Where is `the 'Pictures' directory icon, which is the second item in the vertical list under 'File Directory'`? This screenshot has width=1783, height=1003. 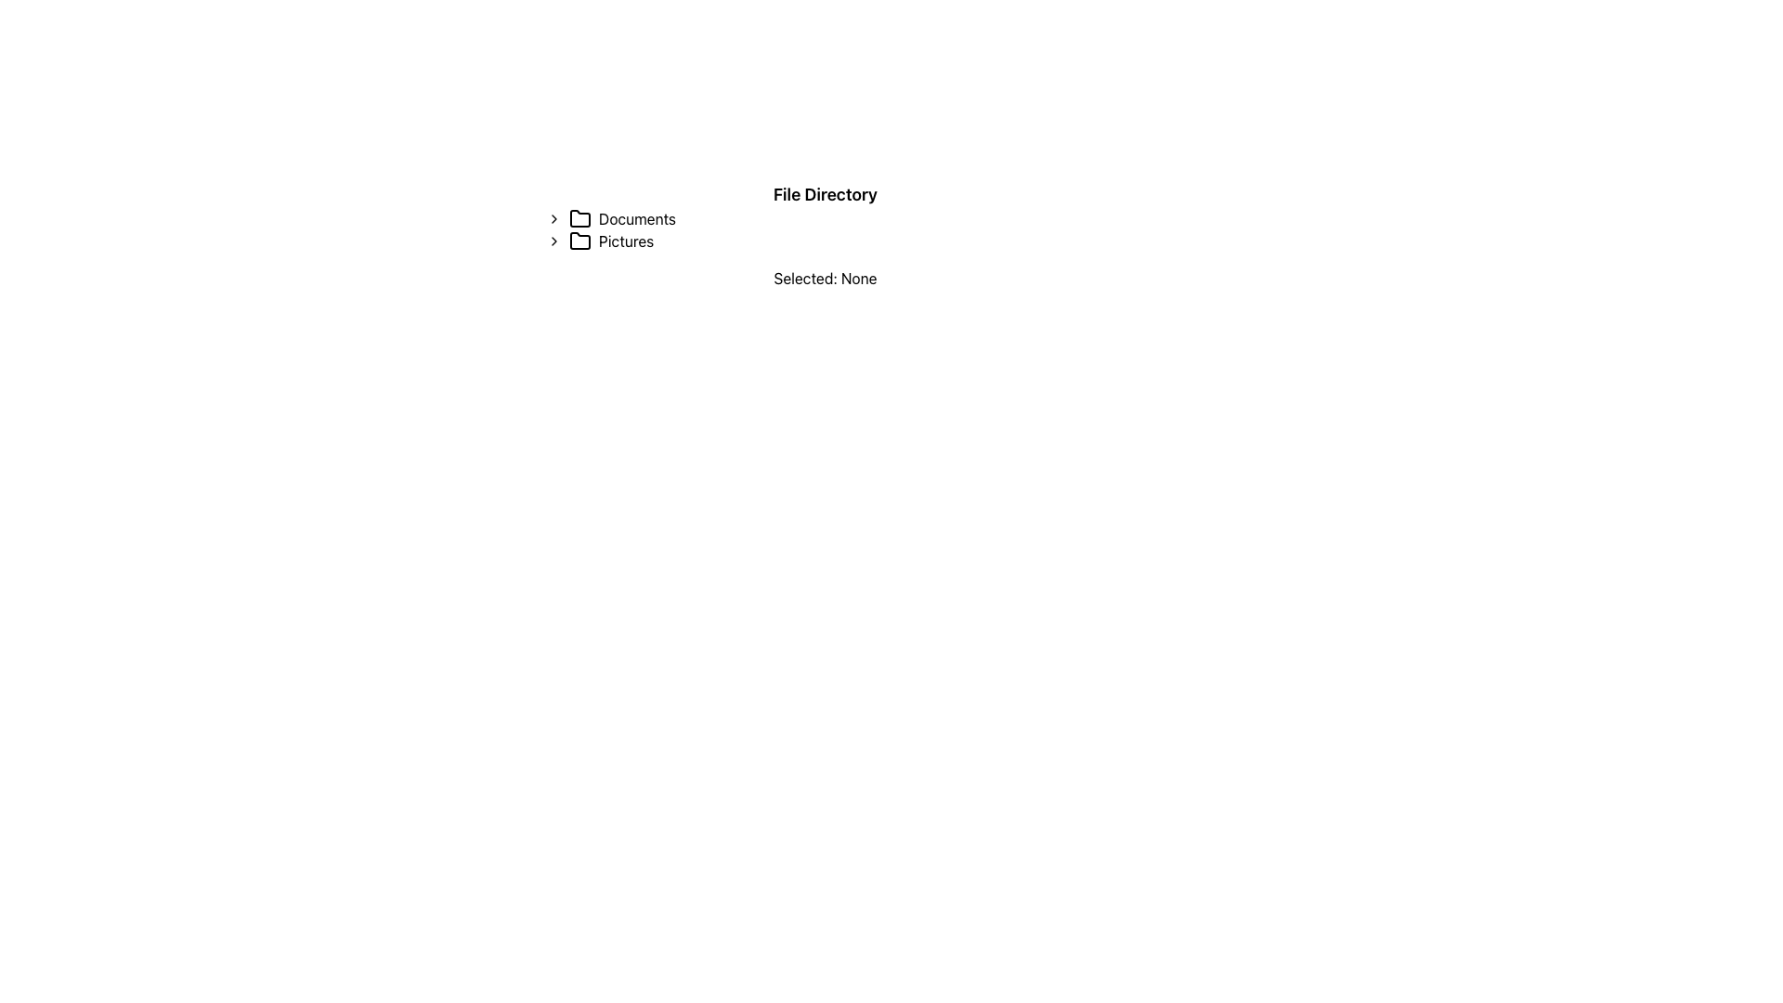
the 'Pictures' directory icon, which is the second item in the vertical list under 'File Directory' is located at coordinates (579, 240).